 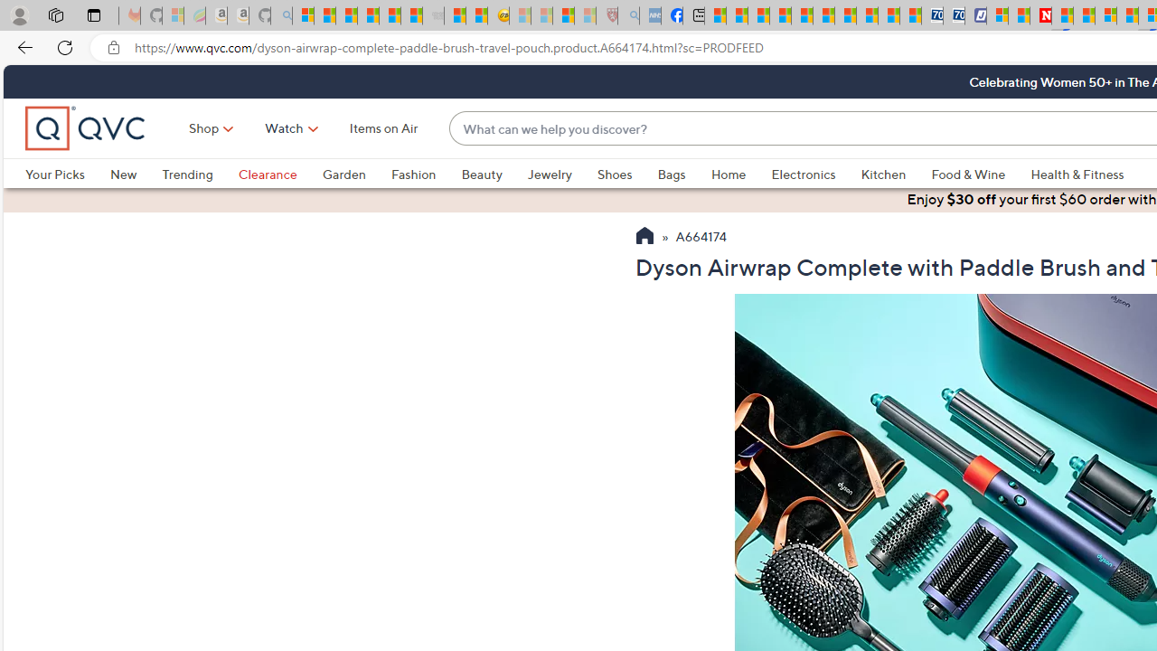 I want to click on 'New', so click(x=122, y=174).